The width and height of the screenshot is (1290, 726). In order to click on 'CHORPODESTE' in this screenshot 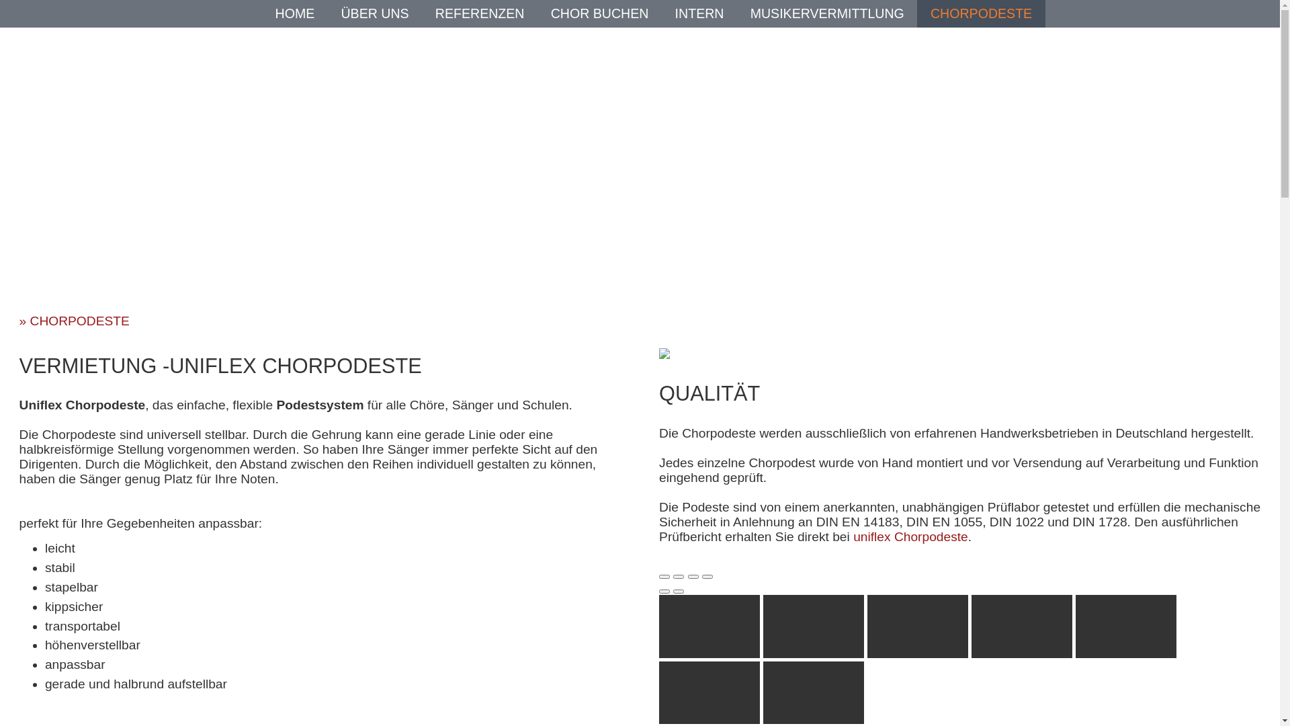, I will do `click(981, 13)`.